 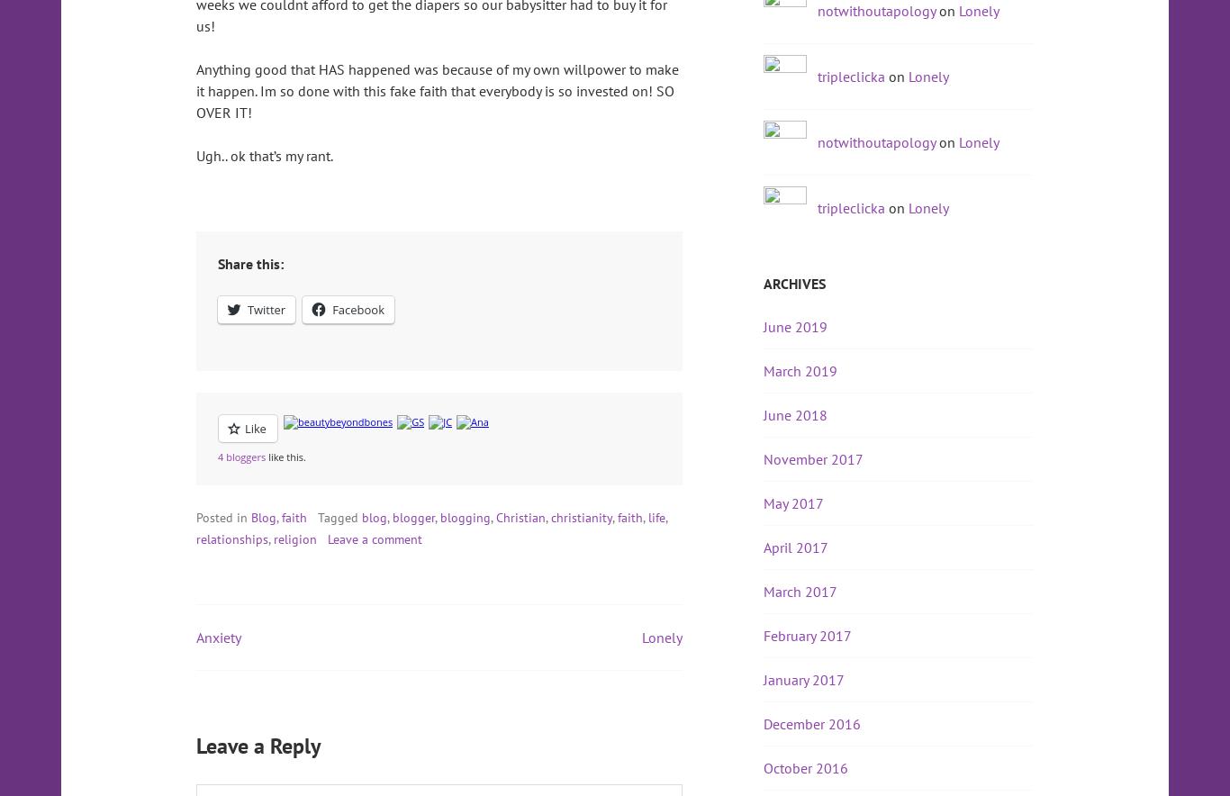 What do you see at coordinates (357, 308) in the screenshot?
I see `'Facebook'` at bounding box center [357, 308].